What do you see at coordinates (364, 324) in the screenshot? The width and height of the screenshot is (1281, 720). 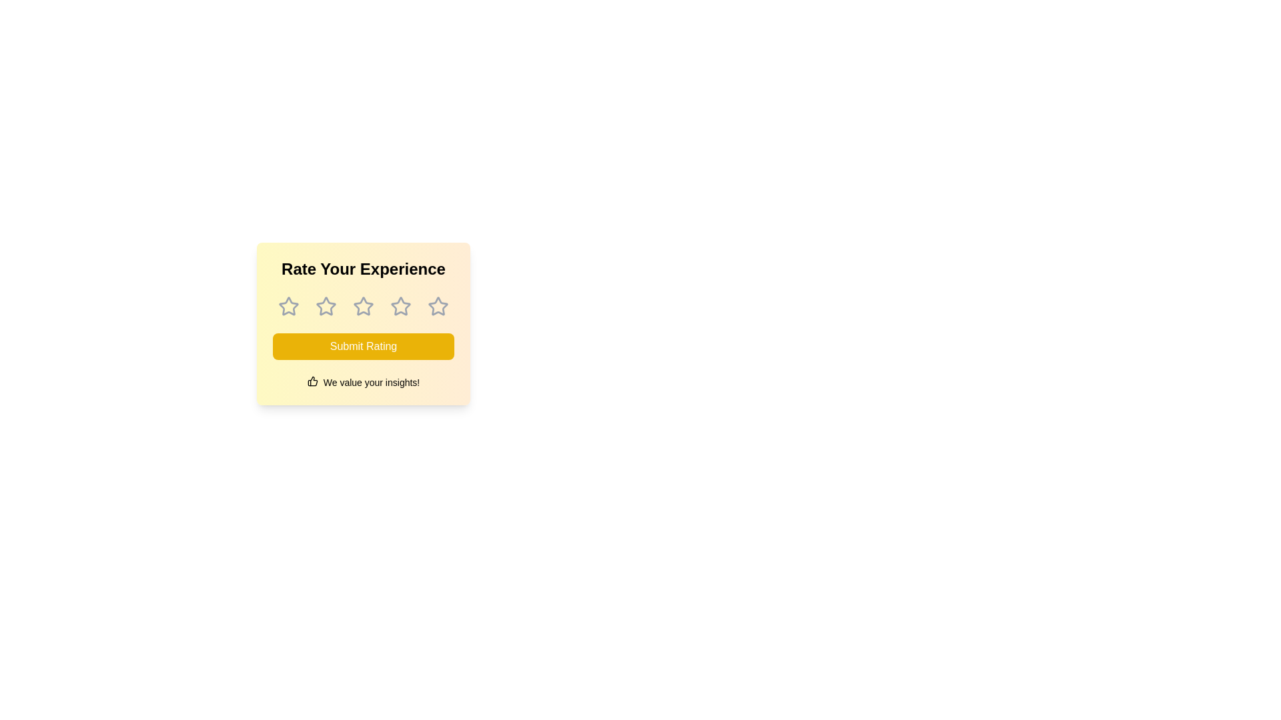 I see `one of the star icons in the interactive rating card labeled 'Rate Your Experience' to assign a rating` at bounding box center [364, 324].